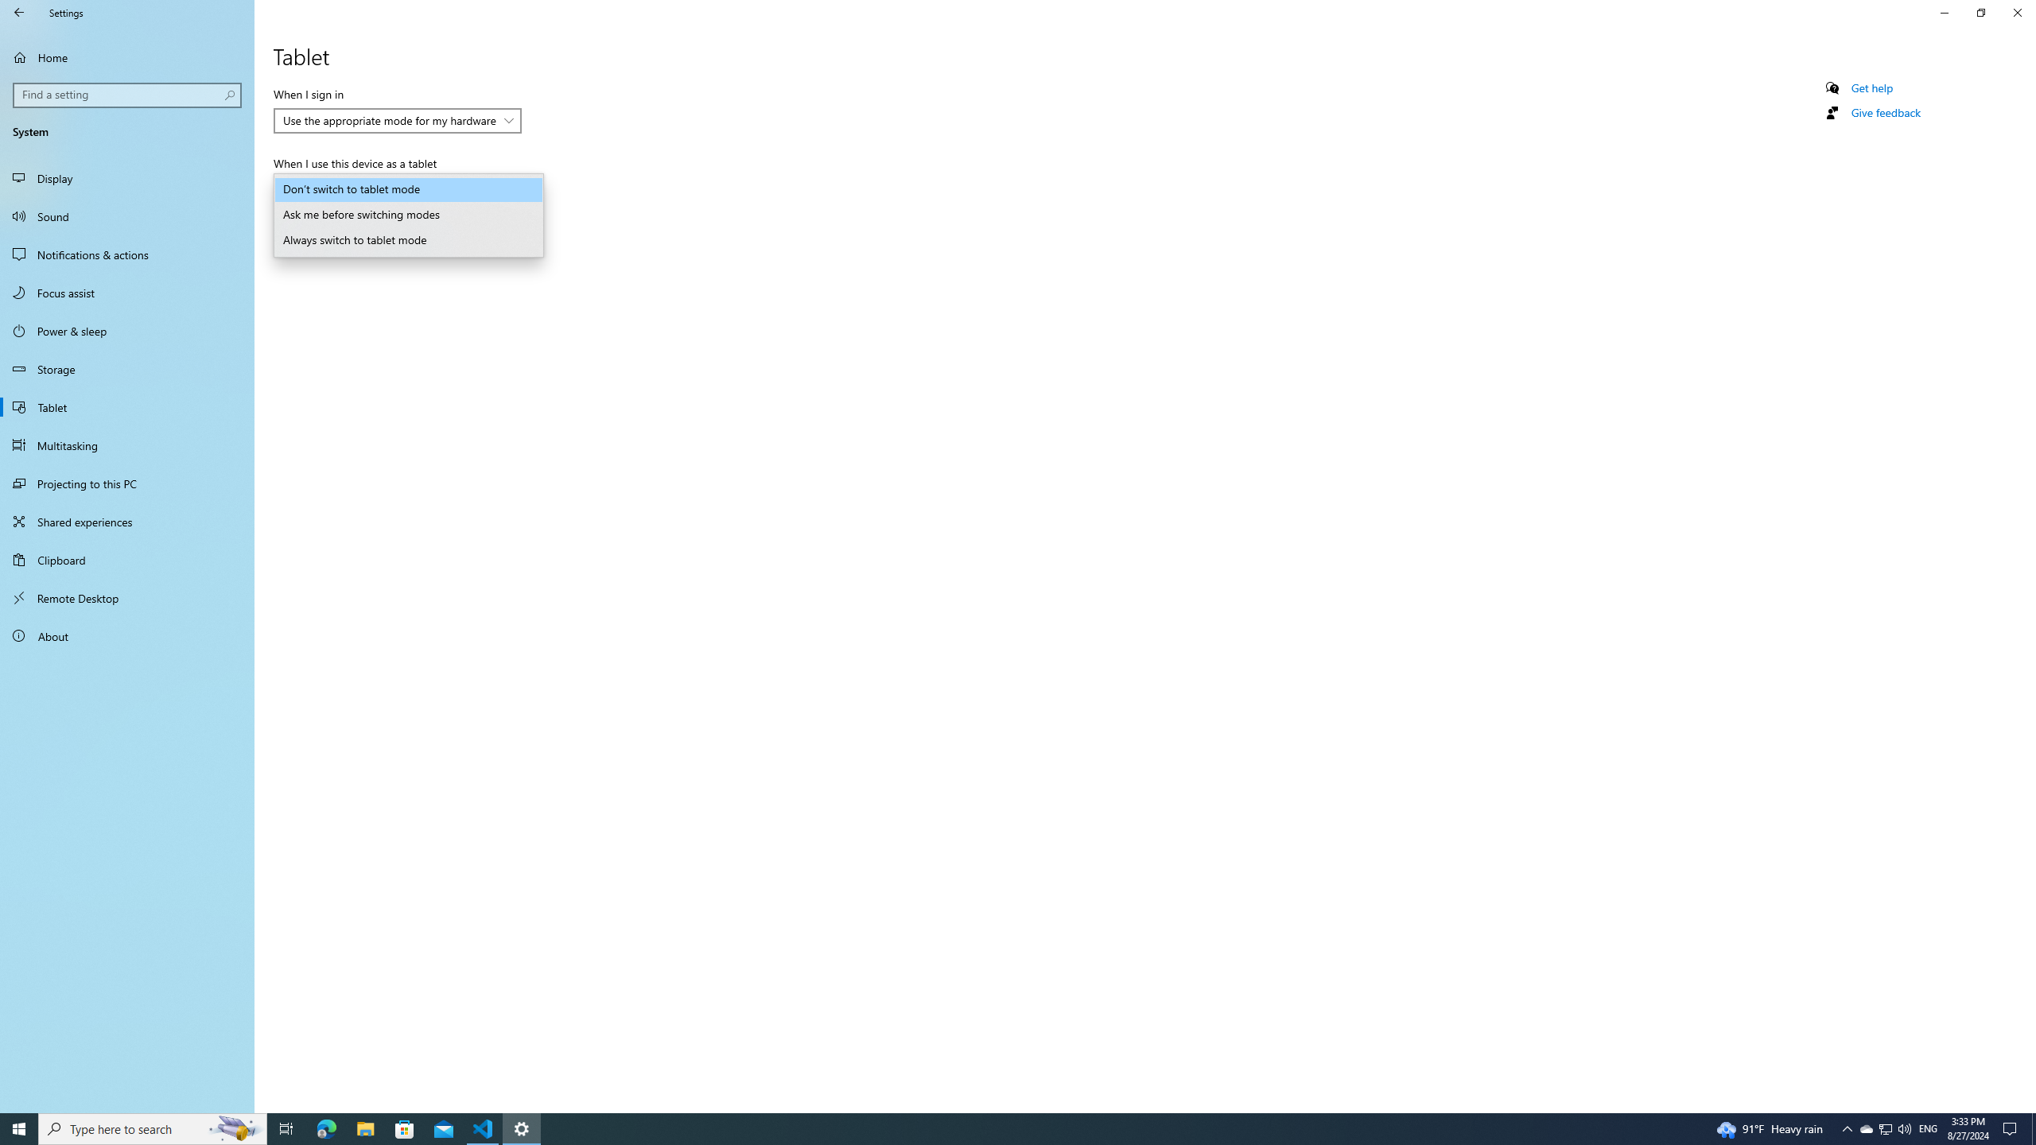 The width and height of the screenshot is (2036, 1145). I want to click on 'Microsoft Store', so click(405, 1128).